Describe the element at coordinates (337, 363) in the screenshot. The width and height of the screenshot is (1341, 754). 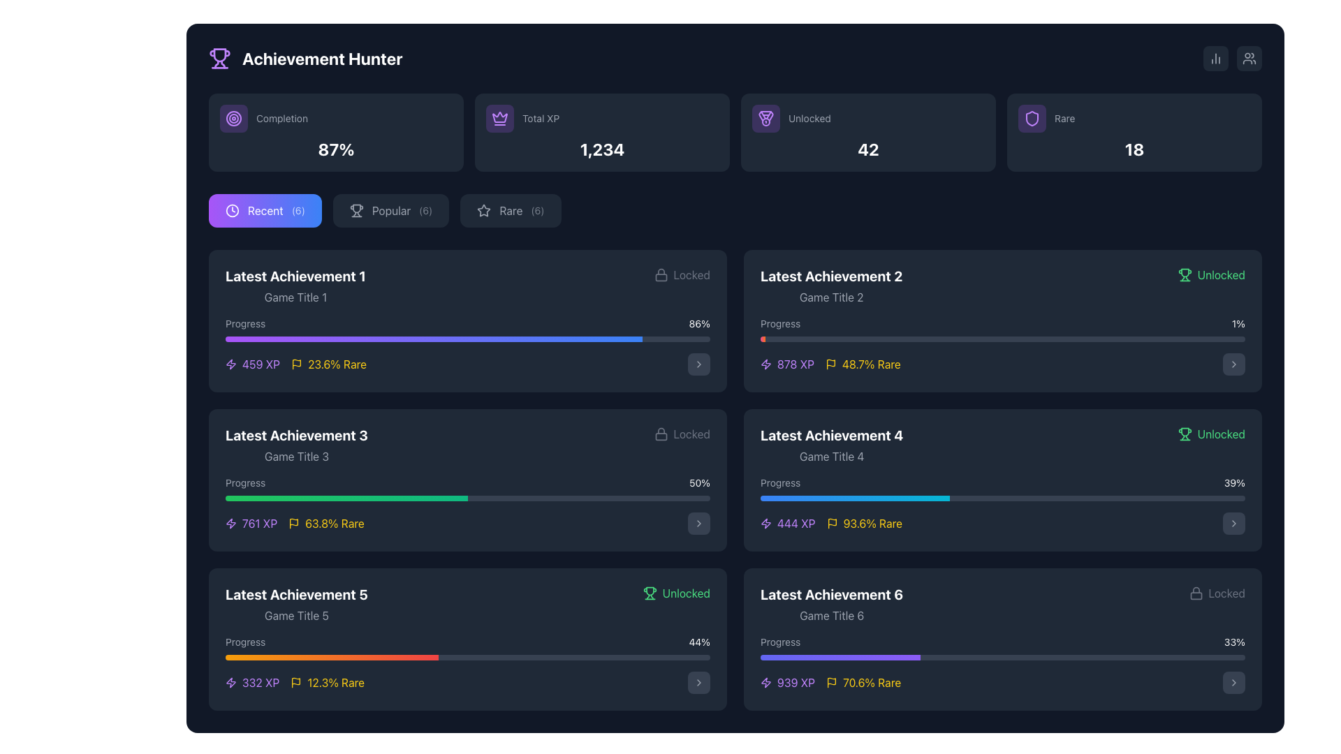
I see `information displayed on the text label showing '23.6% Rare' in yellow font, located within the 'Latest Achievement 1' section under 'Progress'` at that location.